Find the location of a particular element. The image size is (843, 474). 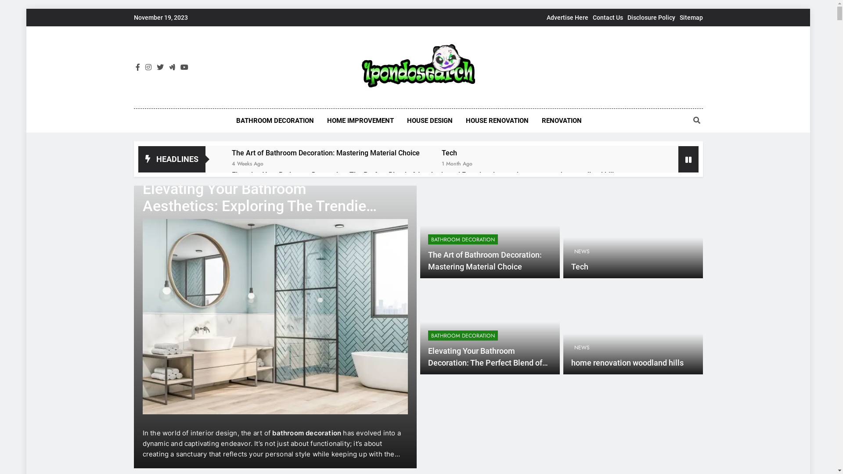

'Skip to content' is located at coordinates (26, 8).